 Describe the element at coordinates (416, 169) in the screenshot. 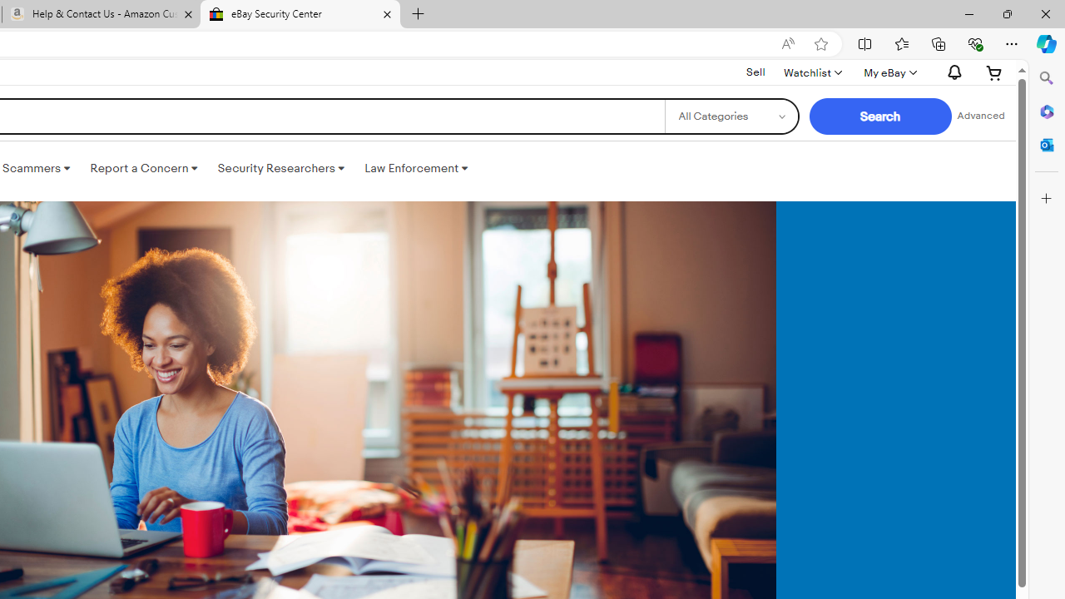

I see `'Law Enforcement '` at that location.